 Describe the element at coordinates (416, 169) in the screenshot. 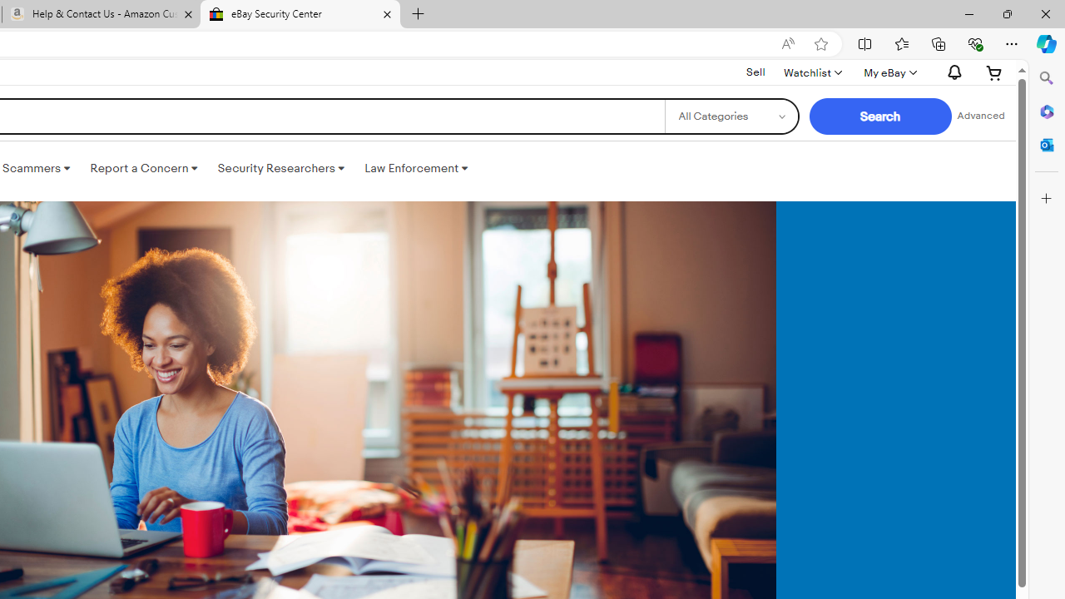

I see `'Law Enforcement '` at that location.